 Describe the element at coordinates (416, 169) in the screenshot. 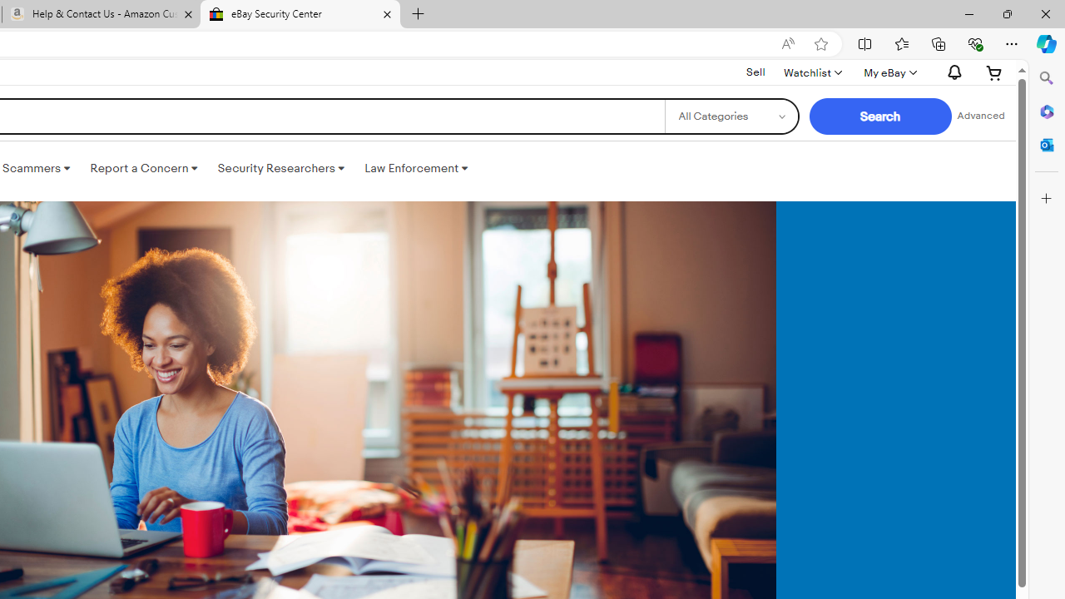

I see `'Law Enforcement '` at that location.